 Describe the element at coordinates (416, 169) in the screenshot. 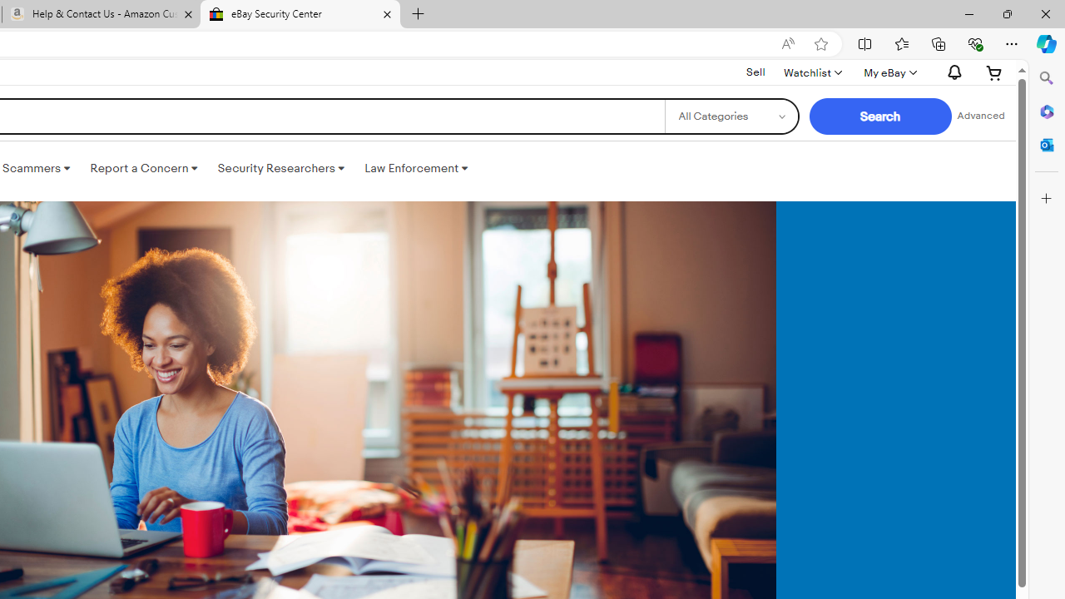

I see `'Law Enforcement '` at that location.